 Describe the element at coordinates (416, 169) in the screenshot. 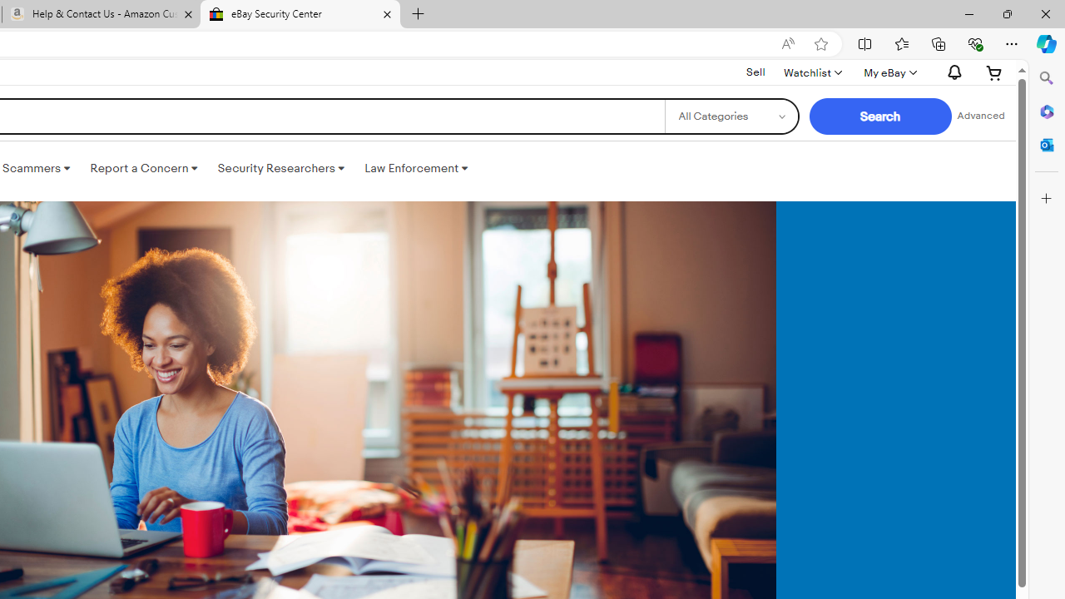

I see `'Law Enforcement '` at that location.